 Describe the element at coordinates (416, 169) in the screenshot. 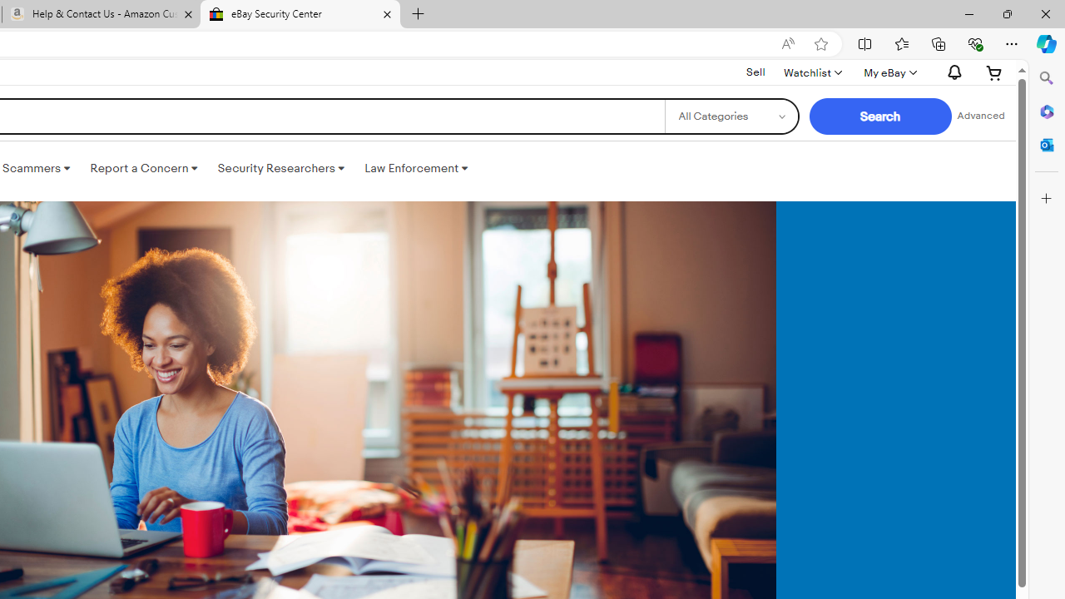

I see `'Law Enforcement '` at that location.